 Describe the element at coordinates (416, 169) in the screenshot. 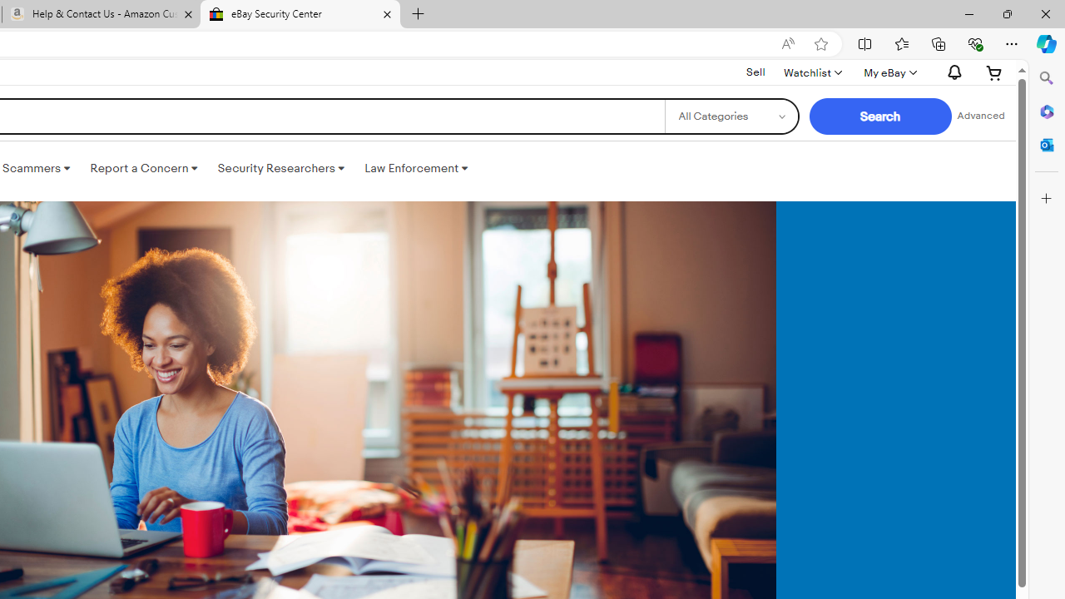

I see `'Law Enforcement '` at that location.